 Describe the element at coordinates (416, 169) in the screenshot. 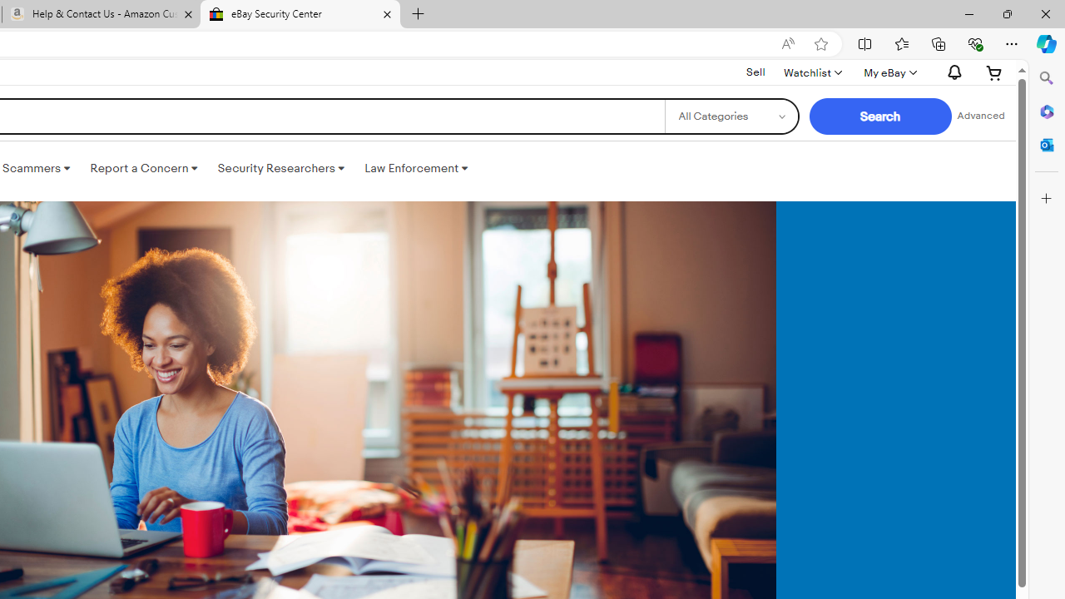

I see `'Law Enforcement '` at that location.